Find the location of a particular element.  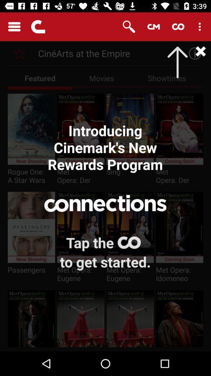

the advertised site is located at coordinates (20, 53).